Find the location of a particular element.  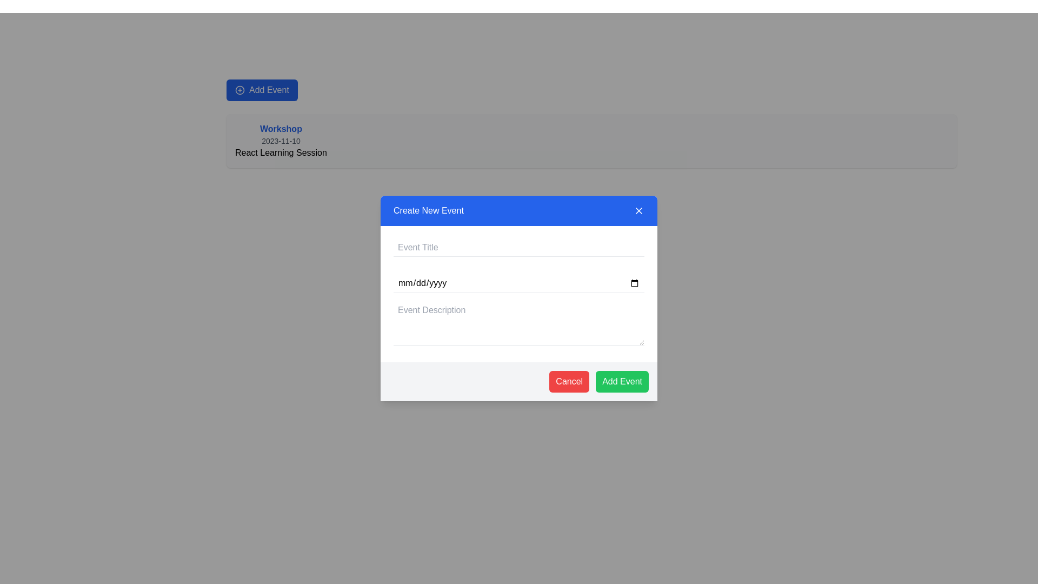

the 'Workshop' text label, which is displayed in bold blue text and positioned at the top of a text block containing session details is located at coordinates (281, 129).